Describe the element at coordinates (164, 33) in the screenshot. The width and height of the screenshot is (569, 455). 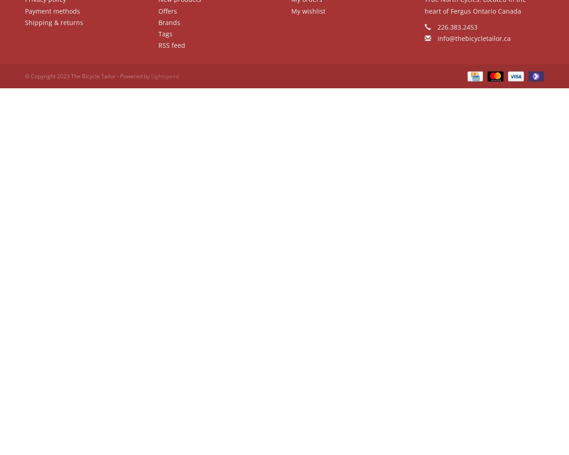
I see `'Tags'` at that location.